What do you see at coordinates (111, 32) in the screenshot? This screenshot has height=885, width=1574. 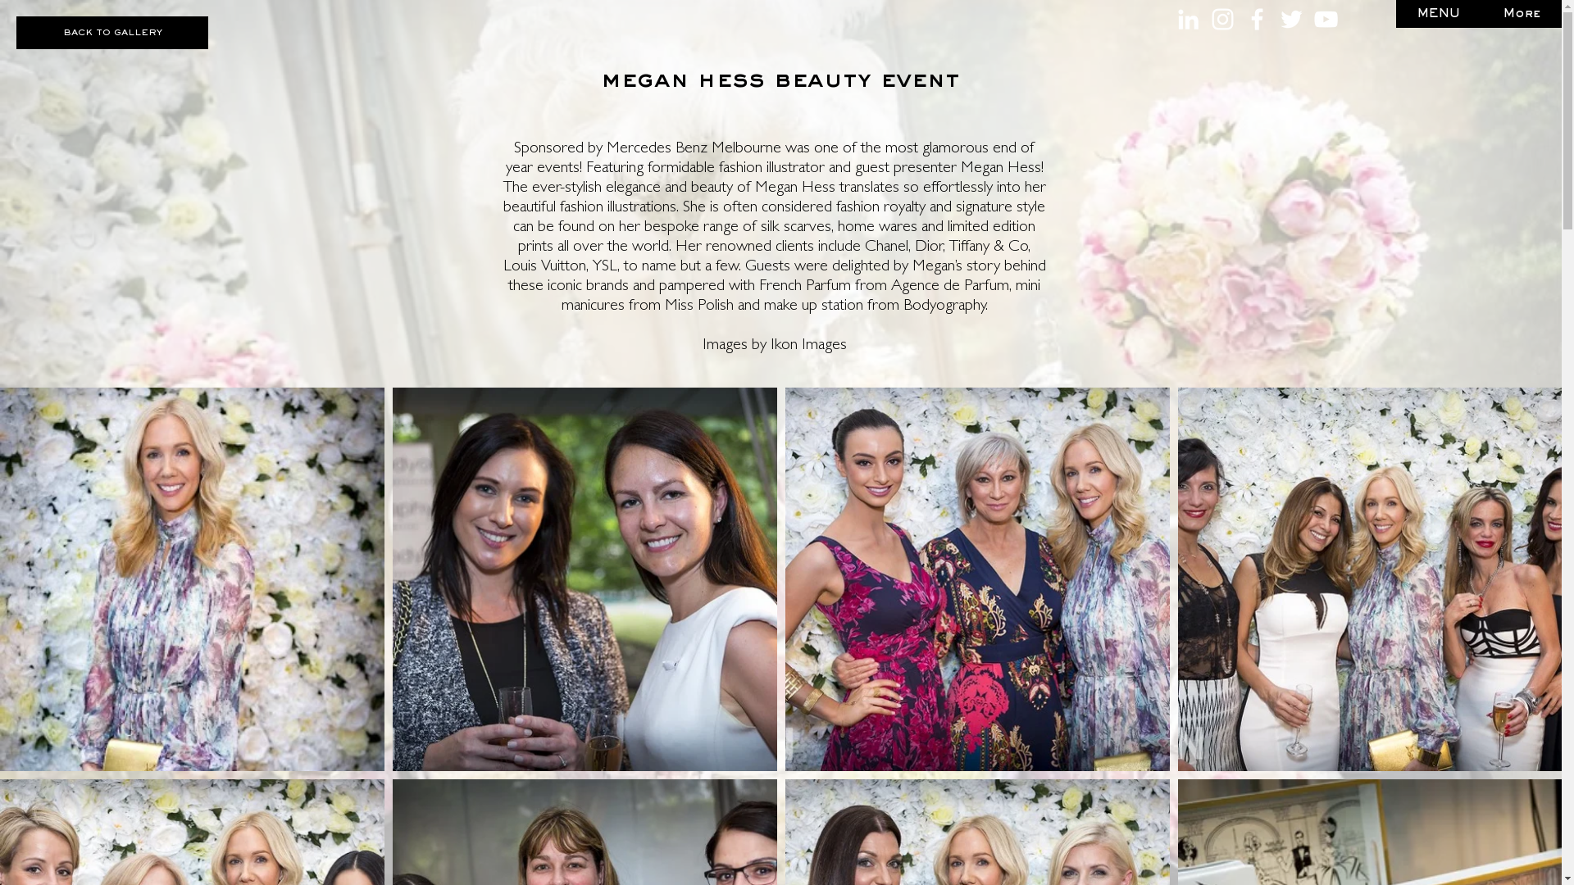 I see `'BACK TO GALLERY'` at bounding box center [111, 32].